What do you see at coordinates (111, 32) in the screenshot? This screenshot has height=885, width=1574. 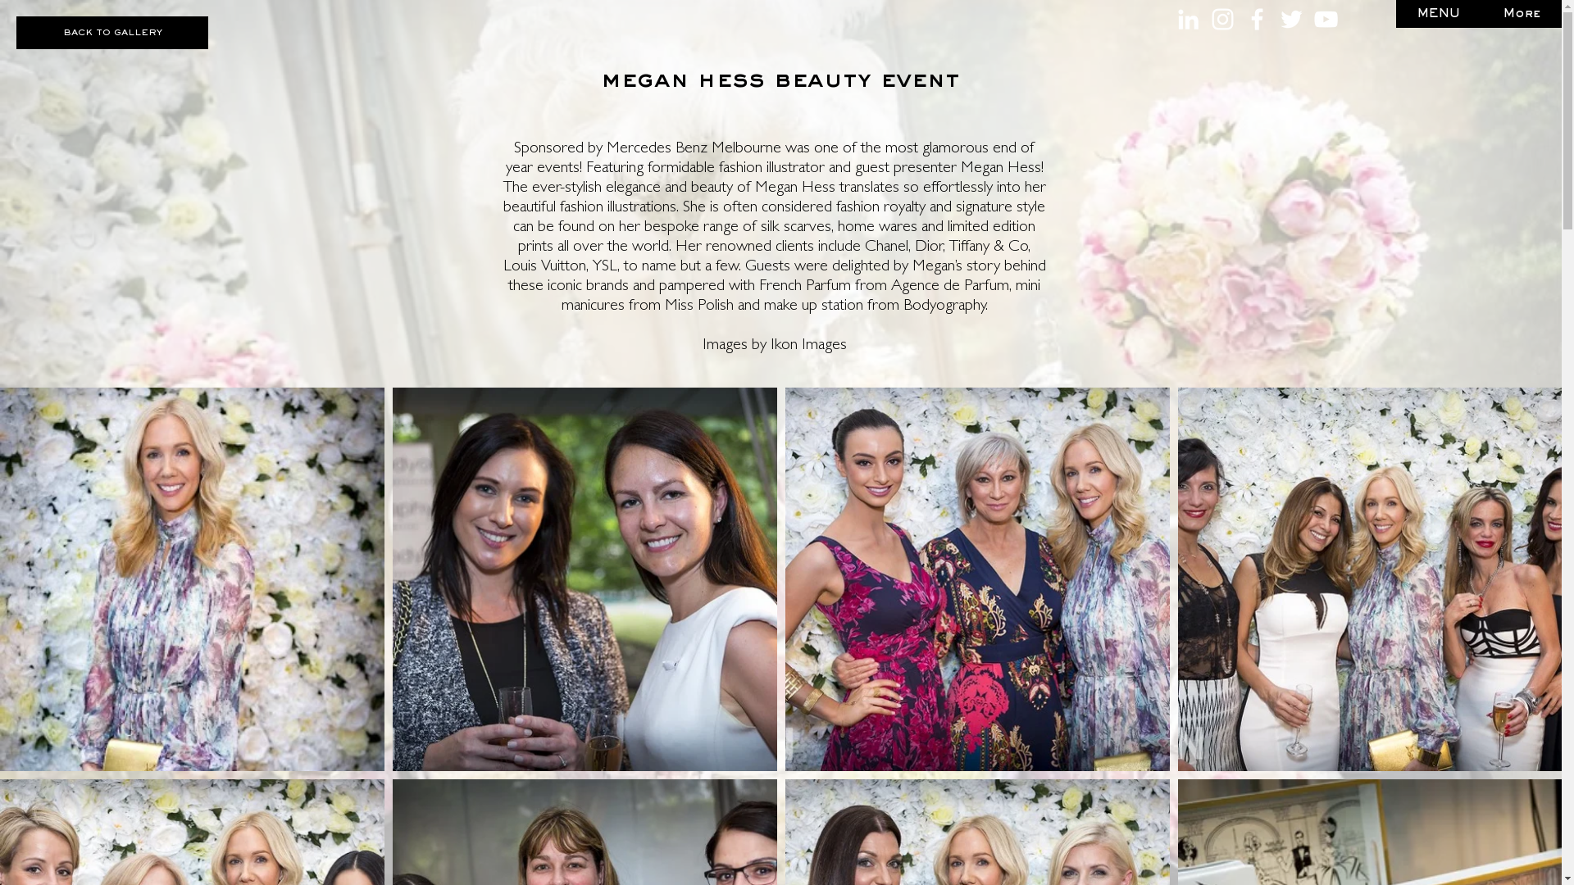 I see `'BACK TO GALLERY'` at bounding box center [111, 32].